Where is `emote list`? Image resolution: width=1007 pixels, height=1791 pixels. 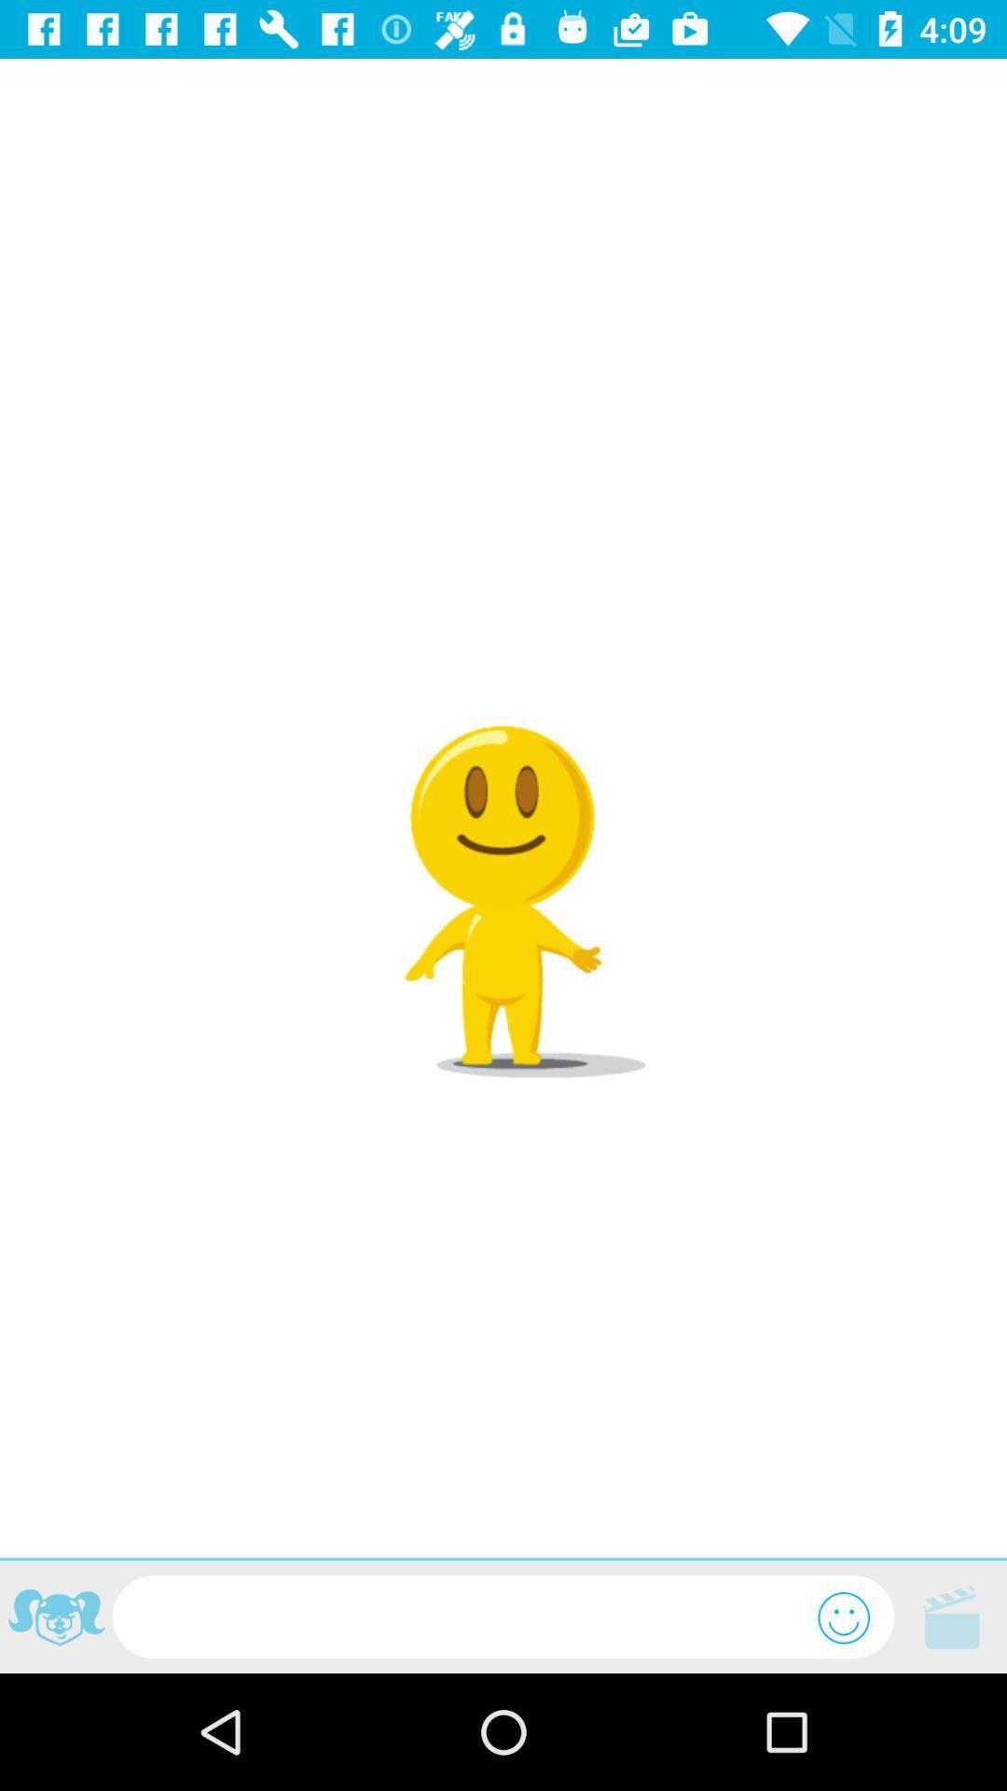
emote list is located at coordinates (844, 1617).